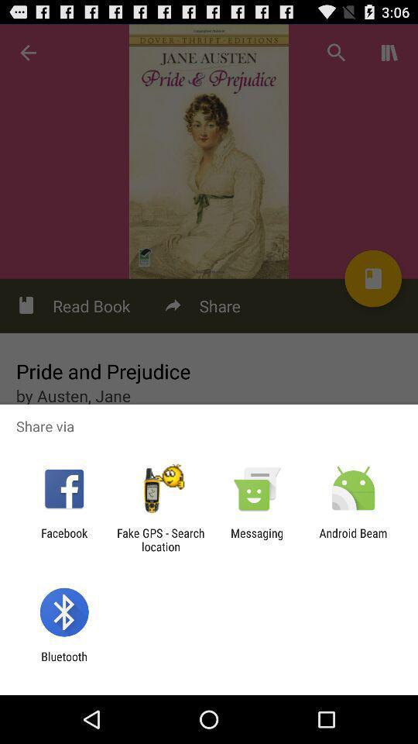 Image resolution: width=418 pixels, height=744 pixels. What do you see at coordinates (63, 539) in the screenshot?
I see `facebook item` at bounding box center [63, 539].